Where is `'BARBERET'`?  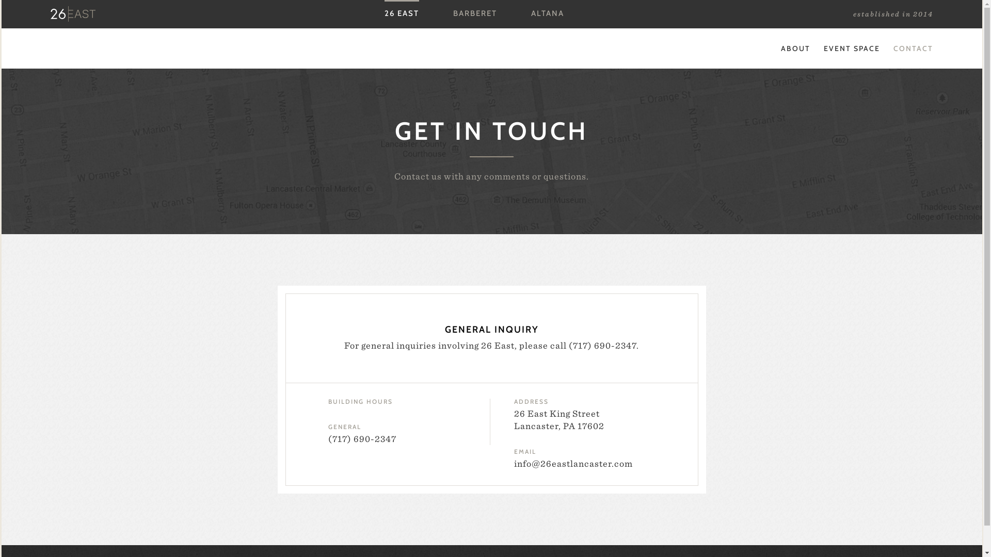
'BARBERET' is located at coordinates (474, 13).